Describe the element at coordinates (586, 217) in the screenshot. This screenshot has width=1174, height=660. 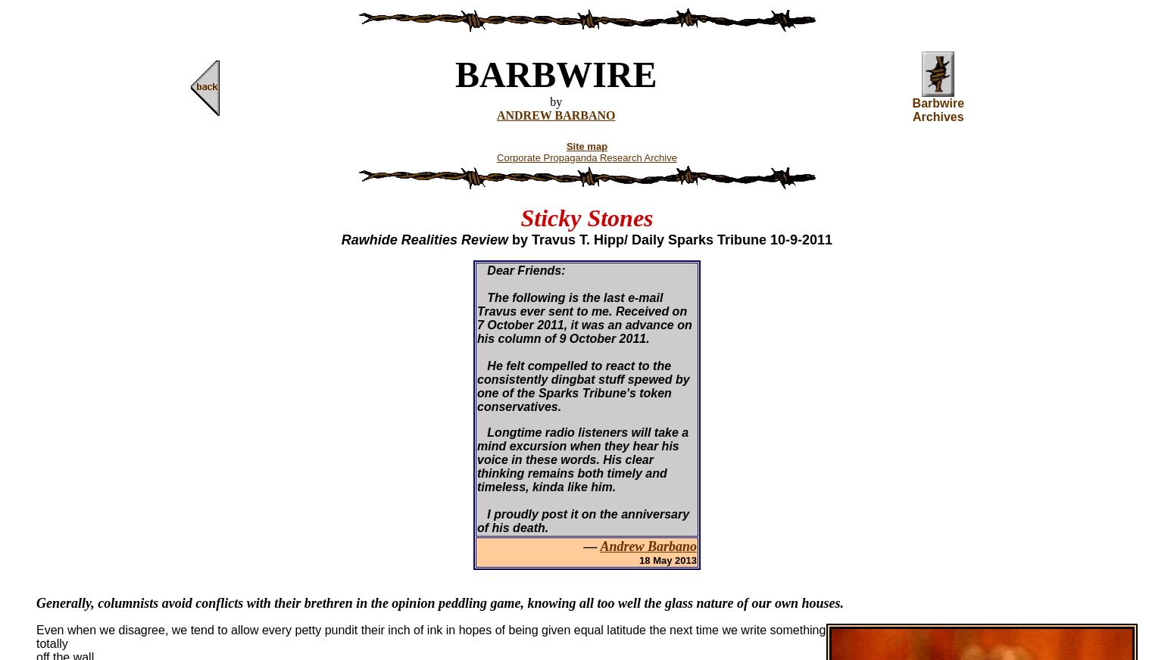
I see `'Sticky 
    Stones'` at that location.